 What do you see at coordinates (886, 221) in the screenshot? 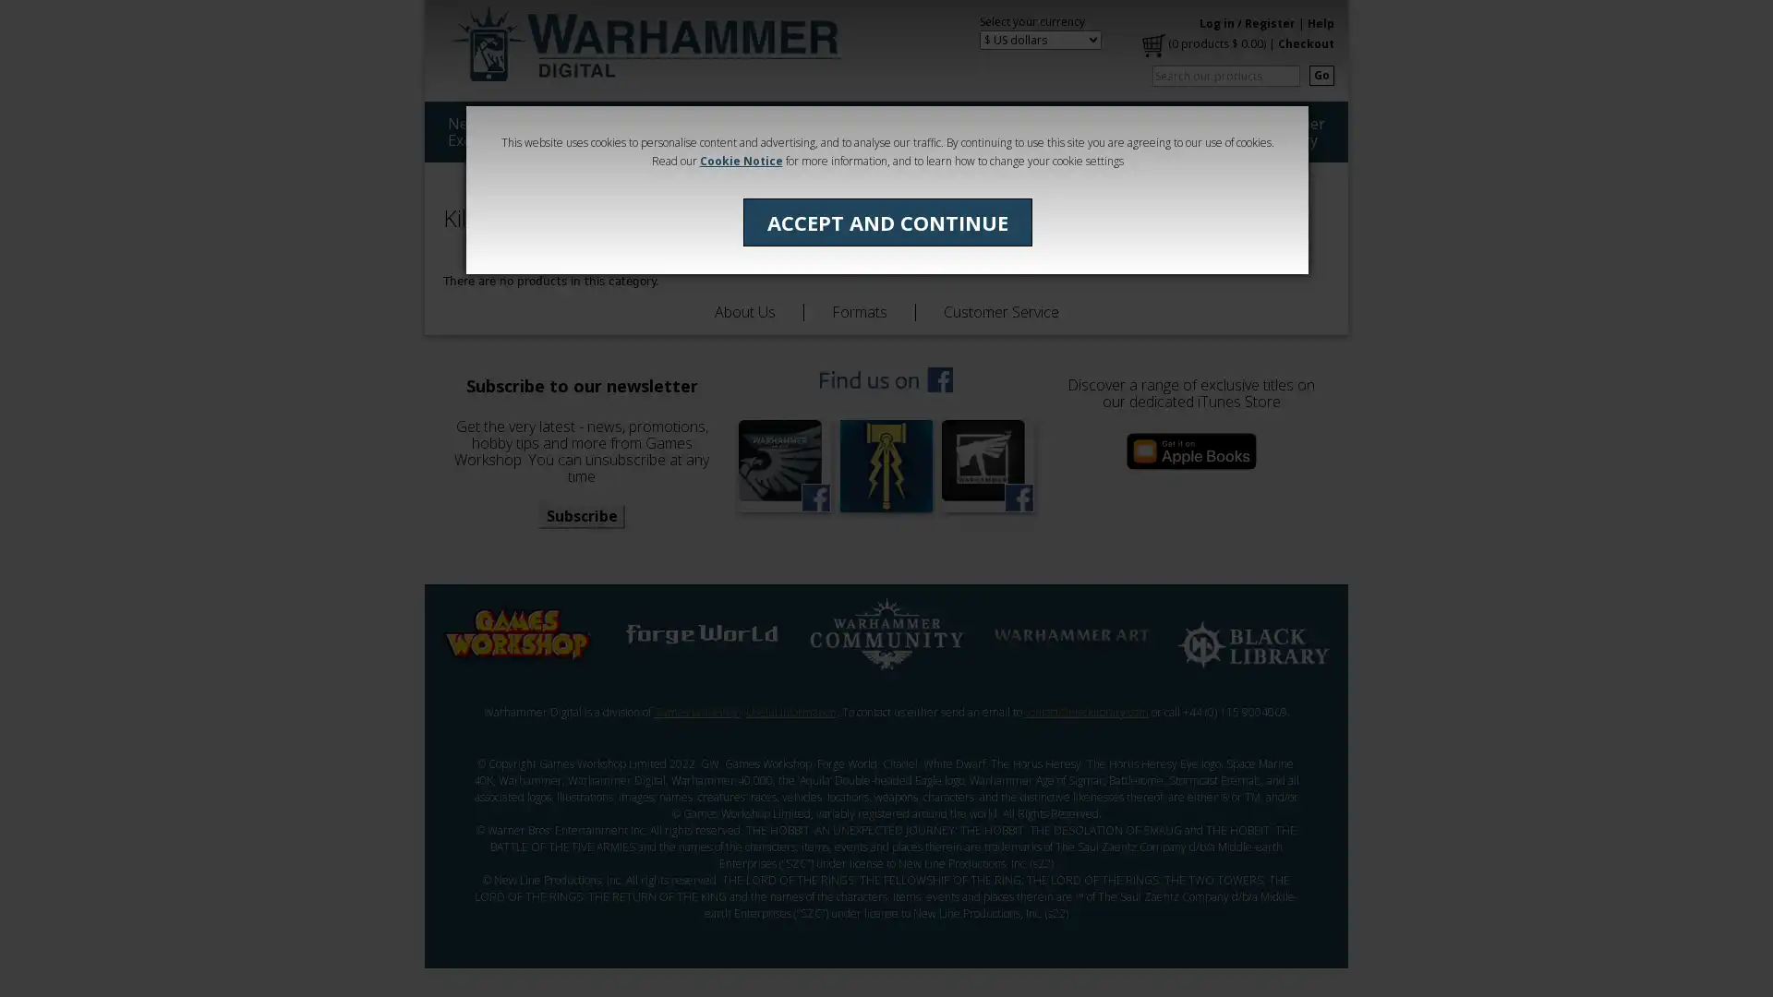
I see `ACCEPT AND CONTINUE` at bounding box center [886, 221].